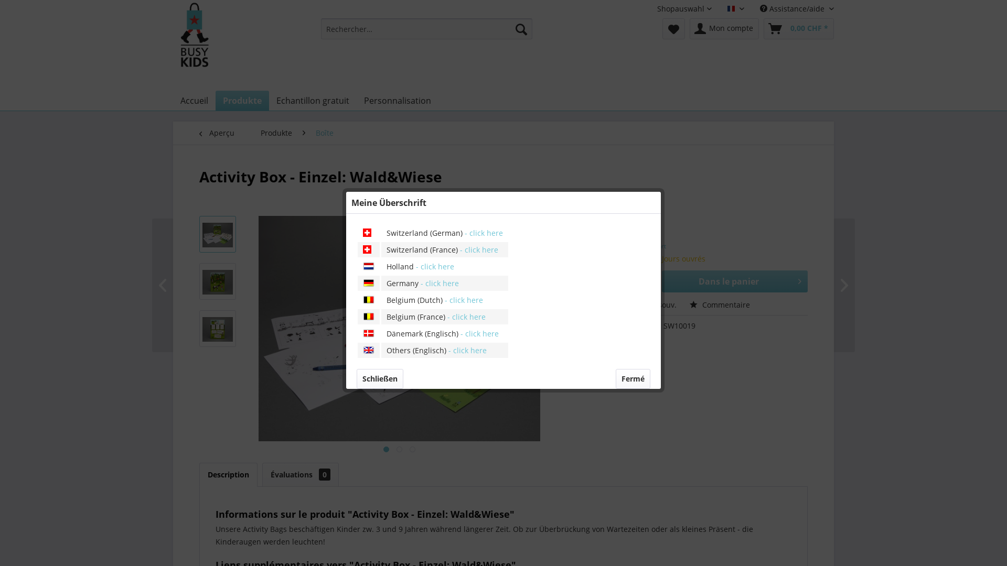 The image size is (1007, 566). What do you see at coordinates (397, 101) in the screenshot?
I see `'Personnalisation'` at bounding box center [397, 101].